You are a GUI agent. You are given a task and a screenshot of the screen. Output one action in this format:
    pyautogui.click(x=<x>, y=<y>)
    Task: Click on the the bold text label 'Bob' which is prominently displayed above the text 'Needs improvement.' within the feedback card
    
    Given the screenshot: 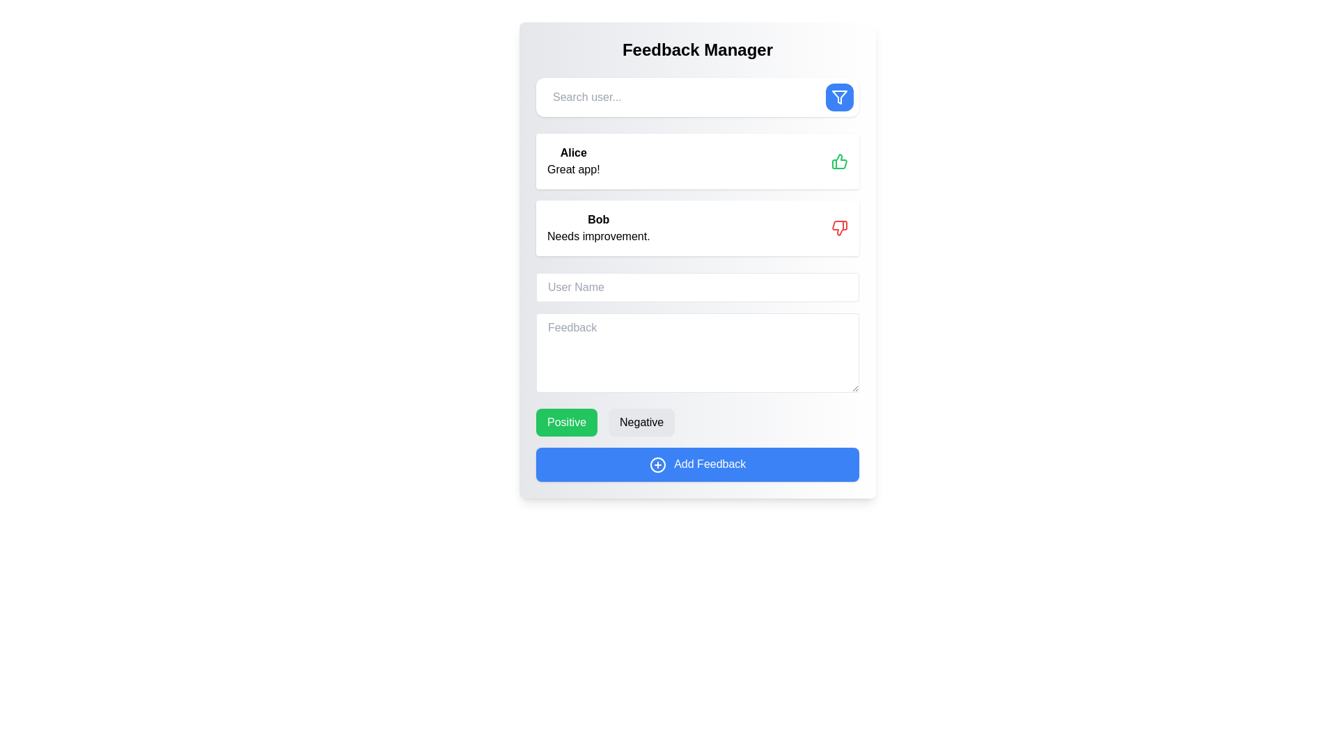 What is the action you would take?
    pyautogui.click(x=598, y=219)
    